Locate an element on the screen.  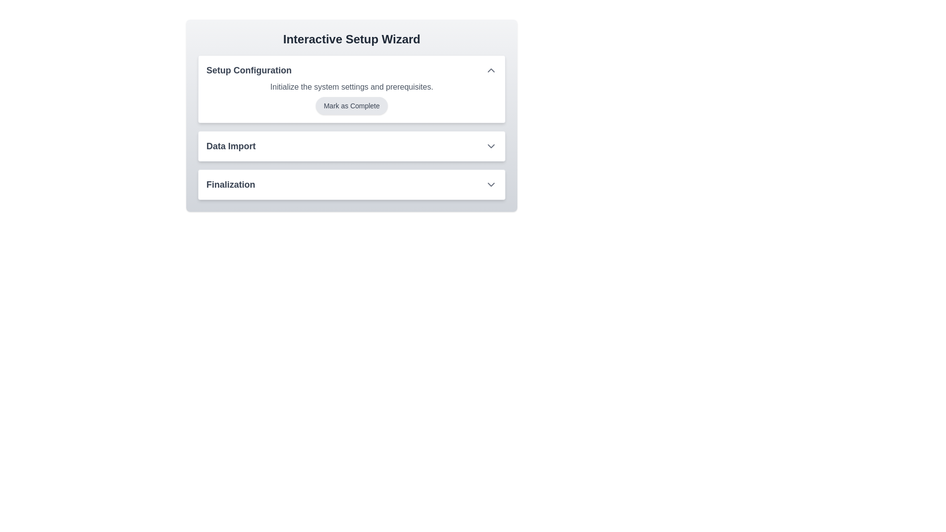
the button in the first section of the setup wizard to mark the step as complete is located at coordinates (352, 127).